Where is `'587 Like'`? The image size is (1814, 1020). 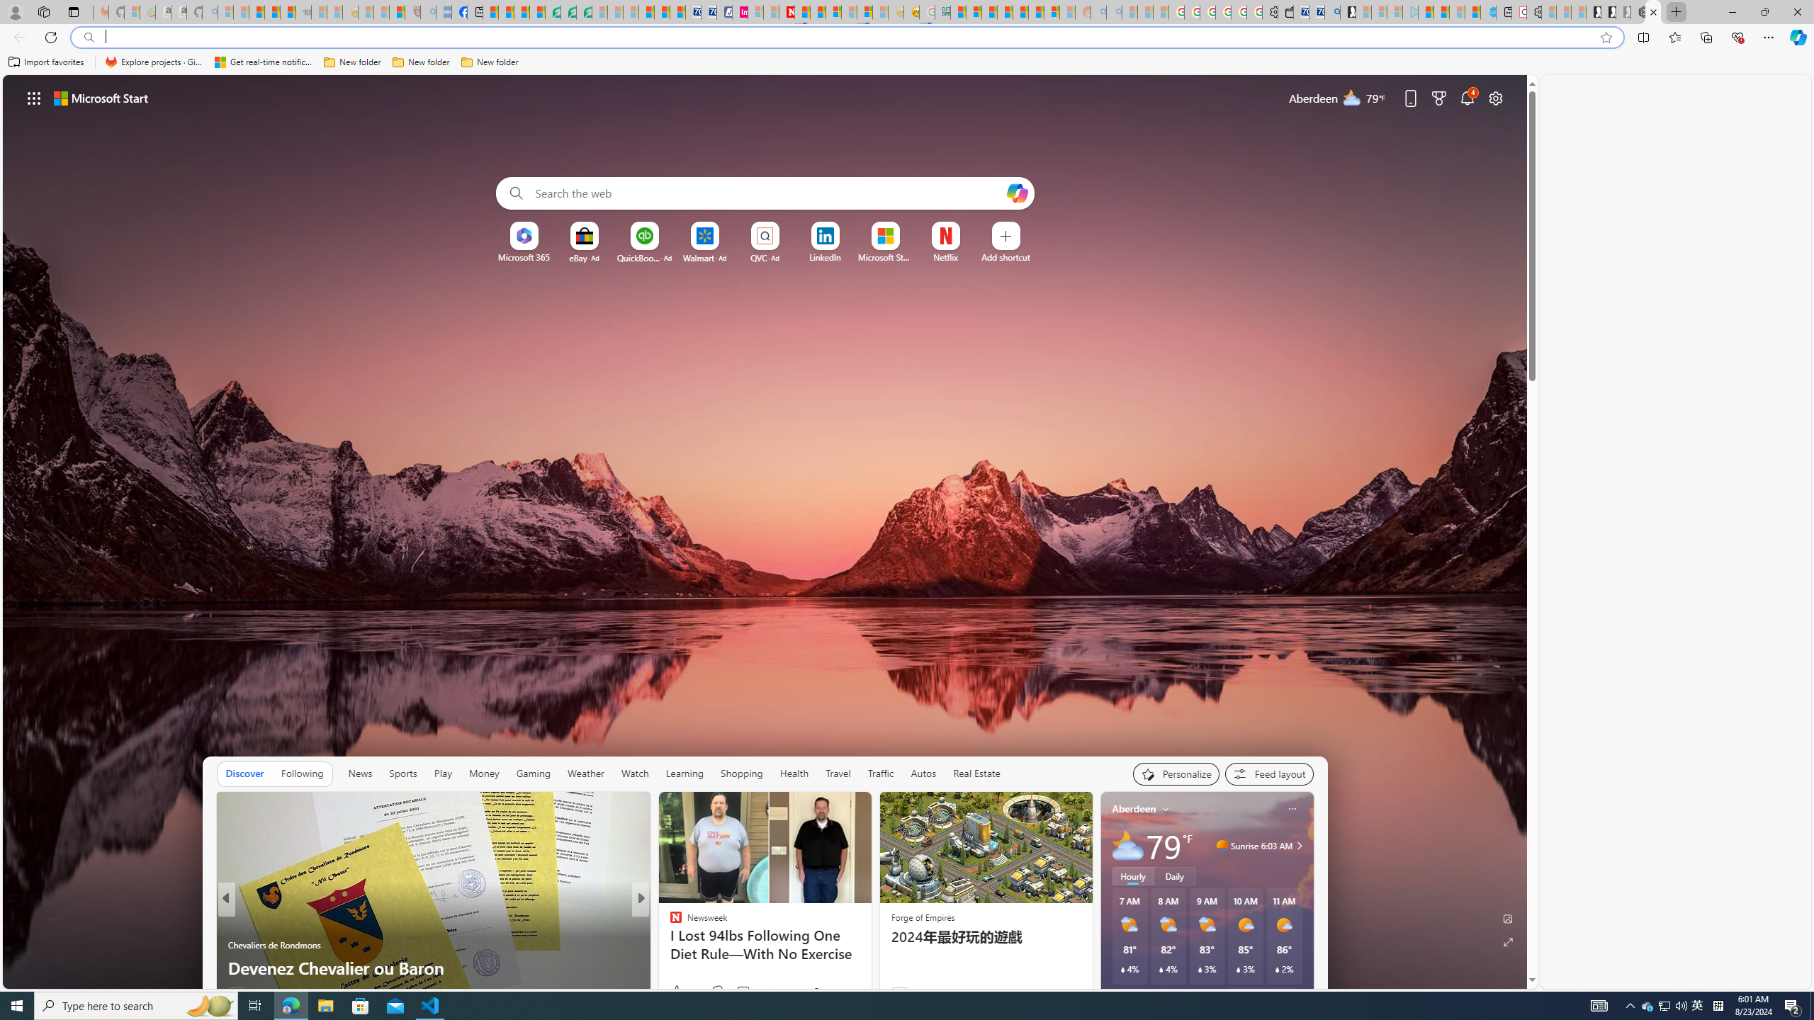
'587 Like' is located at coordinates (678, 992).